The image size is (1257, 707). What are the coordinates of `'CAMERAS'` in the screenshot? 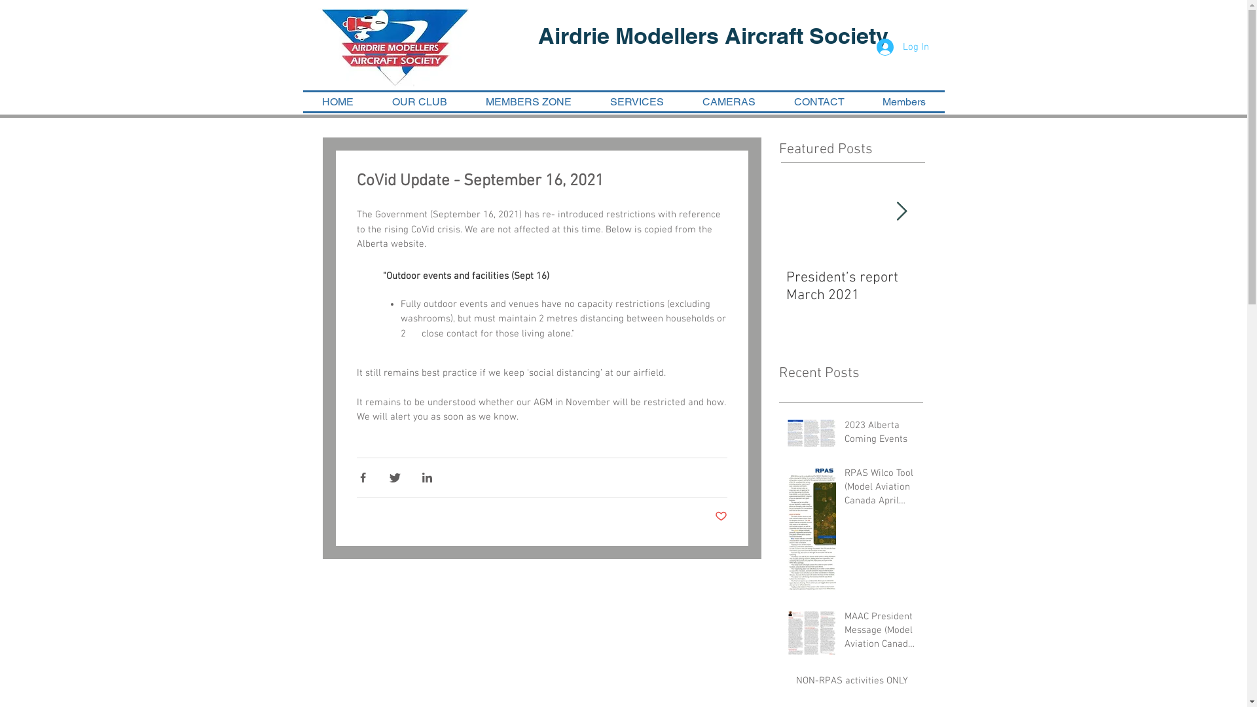 It's located at (728, 101).